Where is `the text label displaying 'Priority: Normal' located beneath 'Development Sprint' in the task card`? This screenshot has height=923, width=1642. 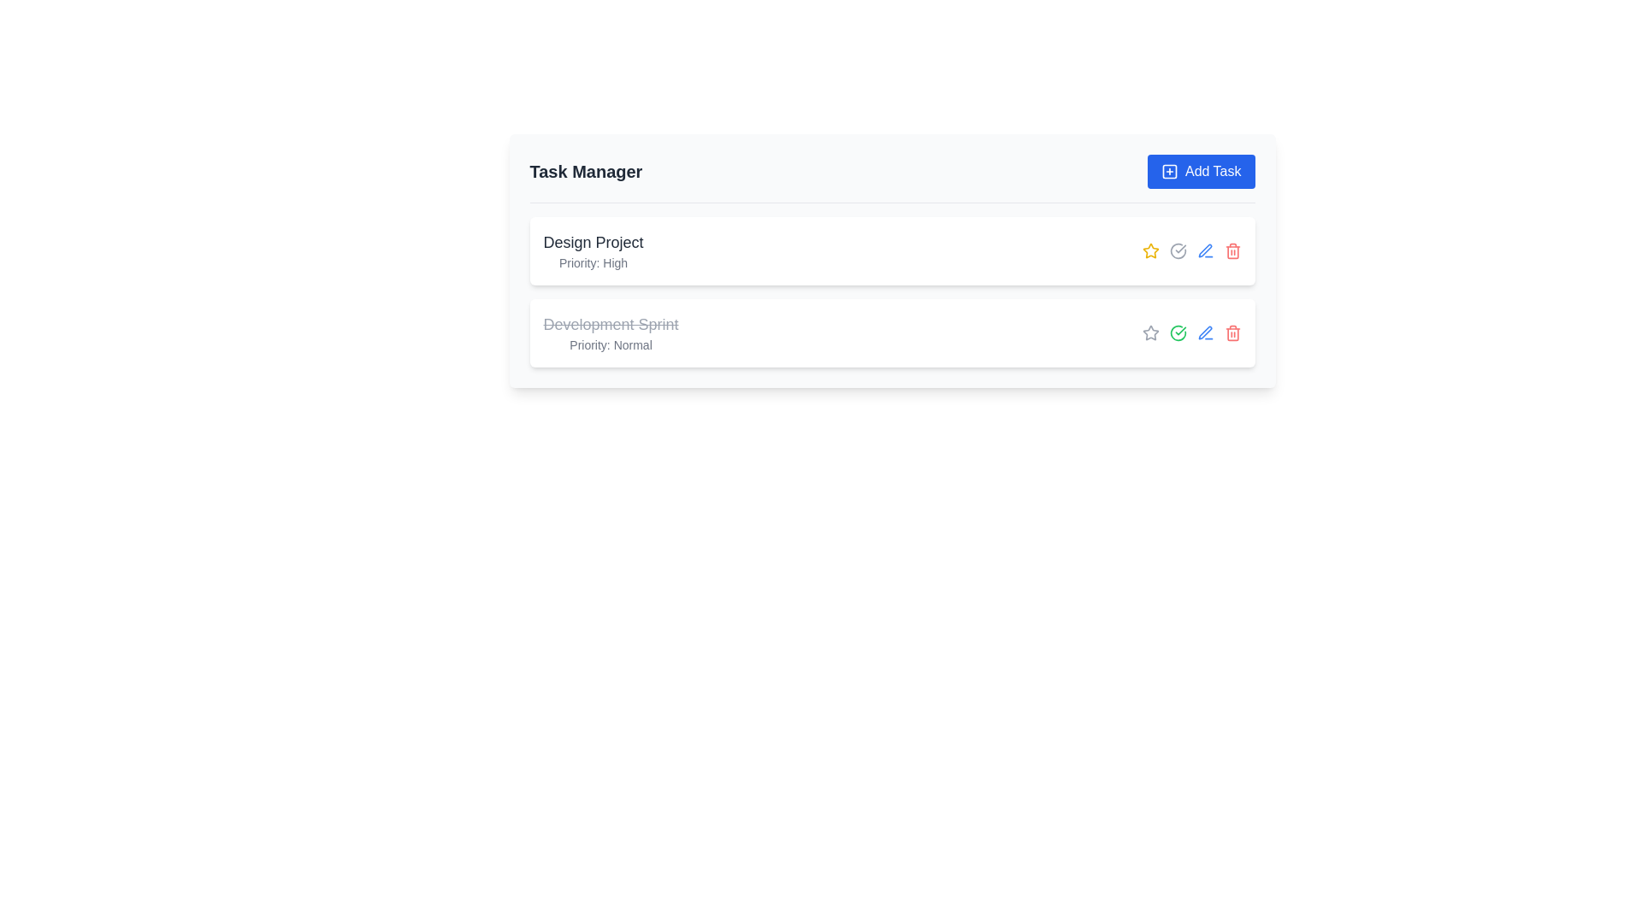 the text label displaying 'Priority: Normal' located beneath 'Development Sprint' in the task card is located at coordinates (611, 345).